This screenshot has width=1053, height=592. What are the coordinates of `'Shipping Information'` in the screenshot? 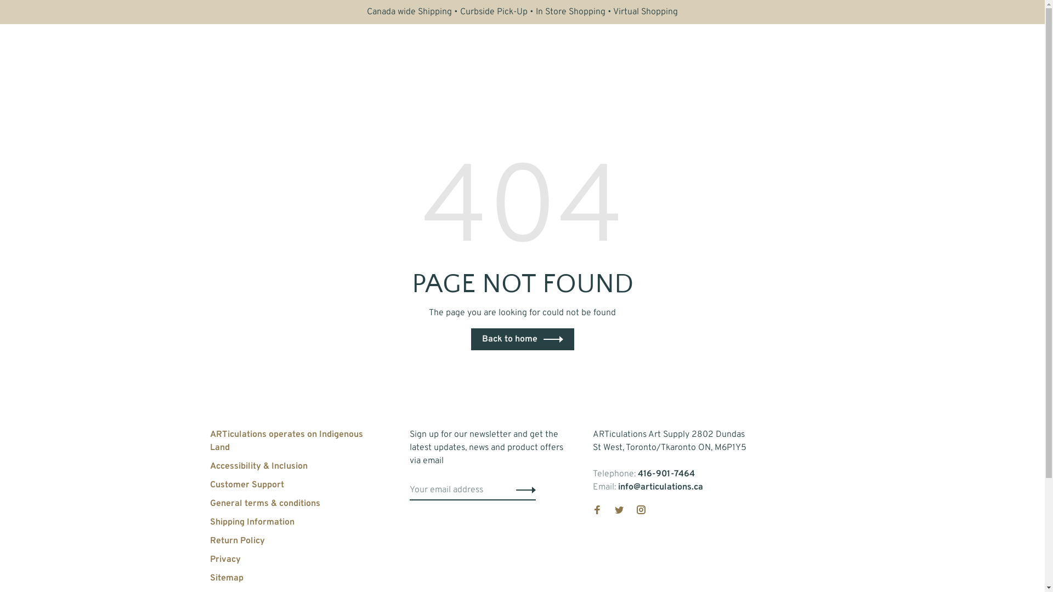 It's located at (251, 521).